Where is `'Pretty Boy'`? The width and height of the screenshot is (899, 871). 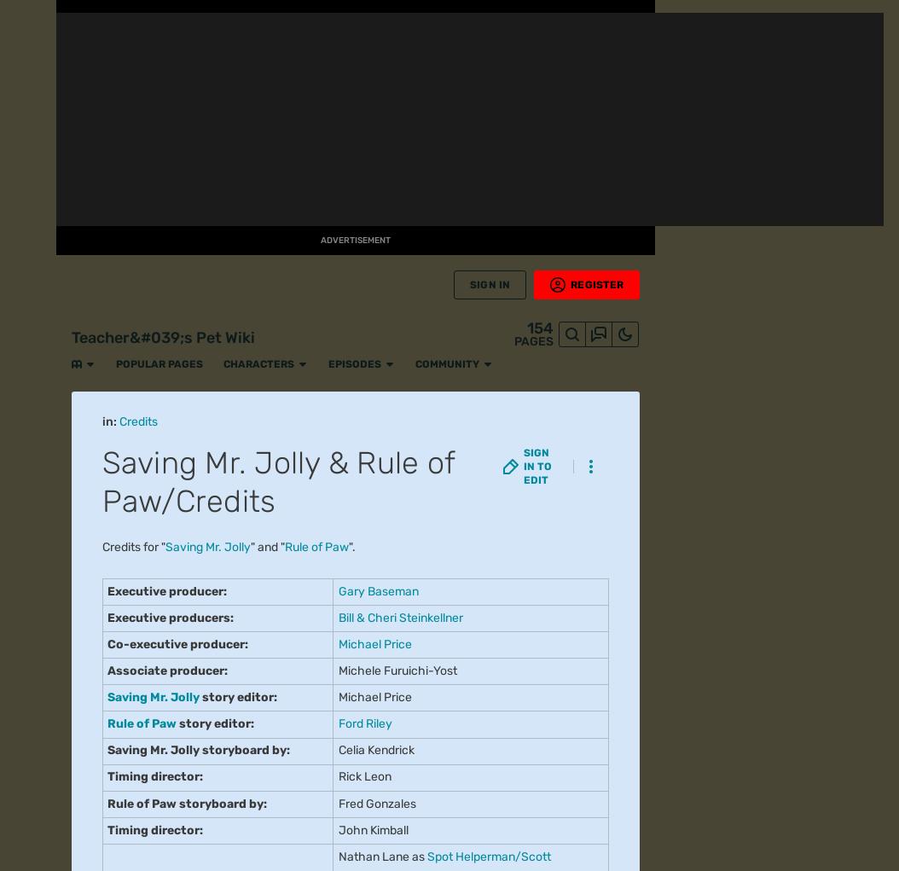
'Pretty Boy' is located at coordinates (187, 229).